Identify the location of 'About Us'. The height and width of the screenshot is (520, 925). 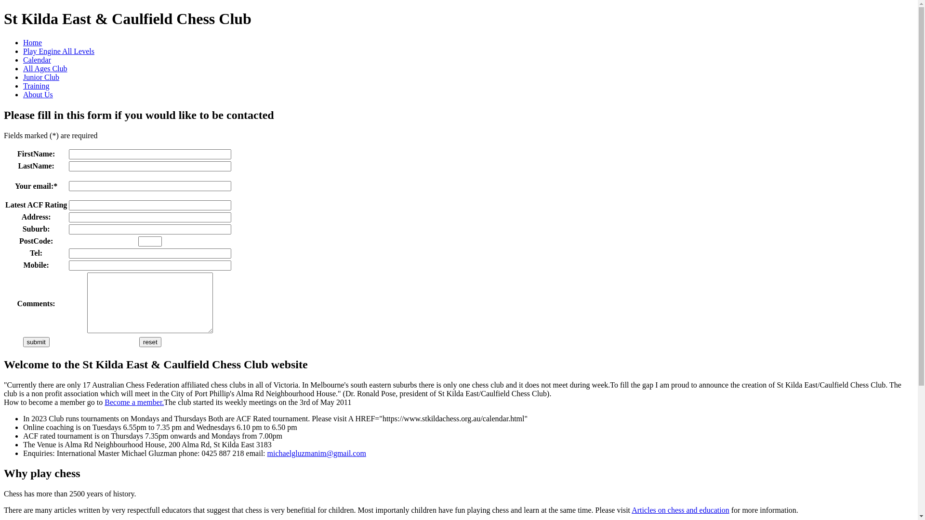
(38, 94).